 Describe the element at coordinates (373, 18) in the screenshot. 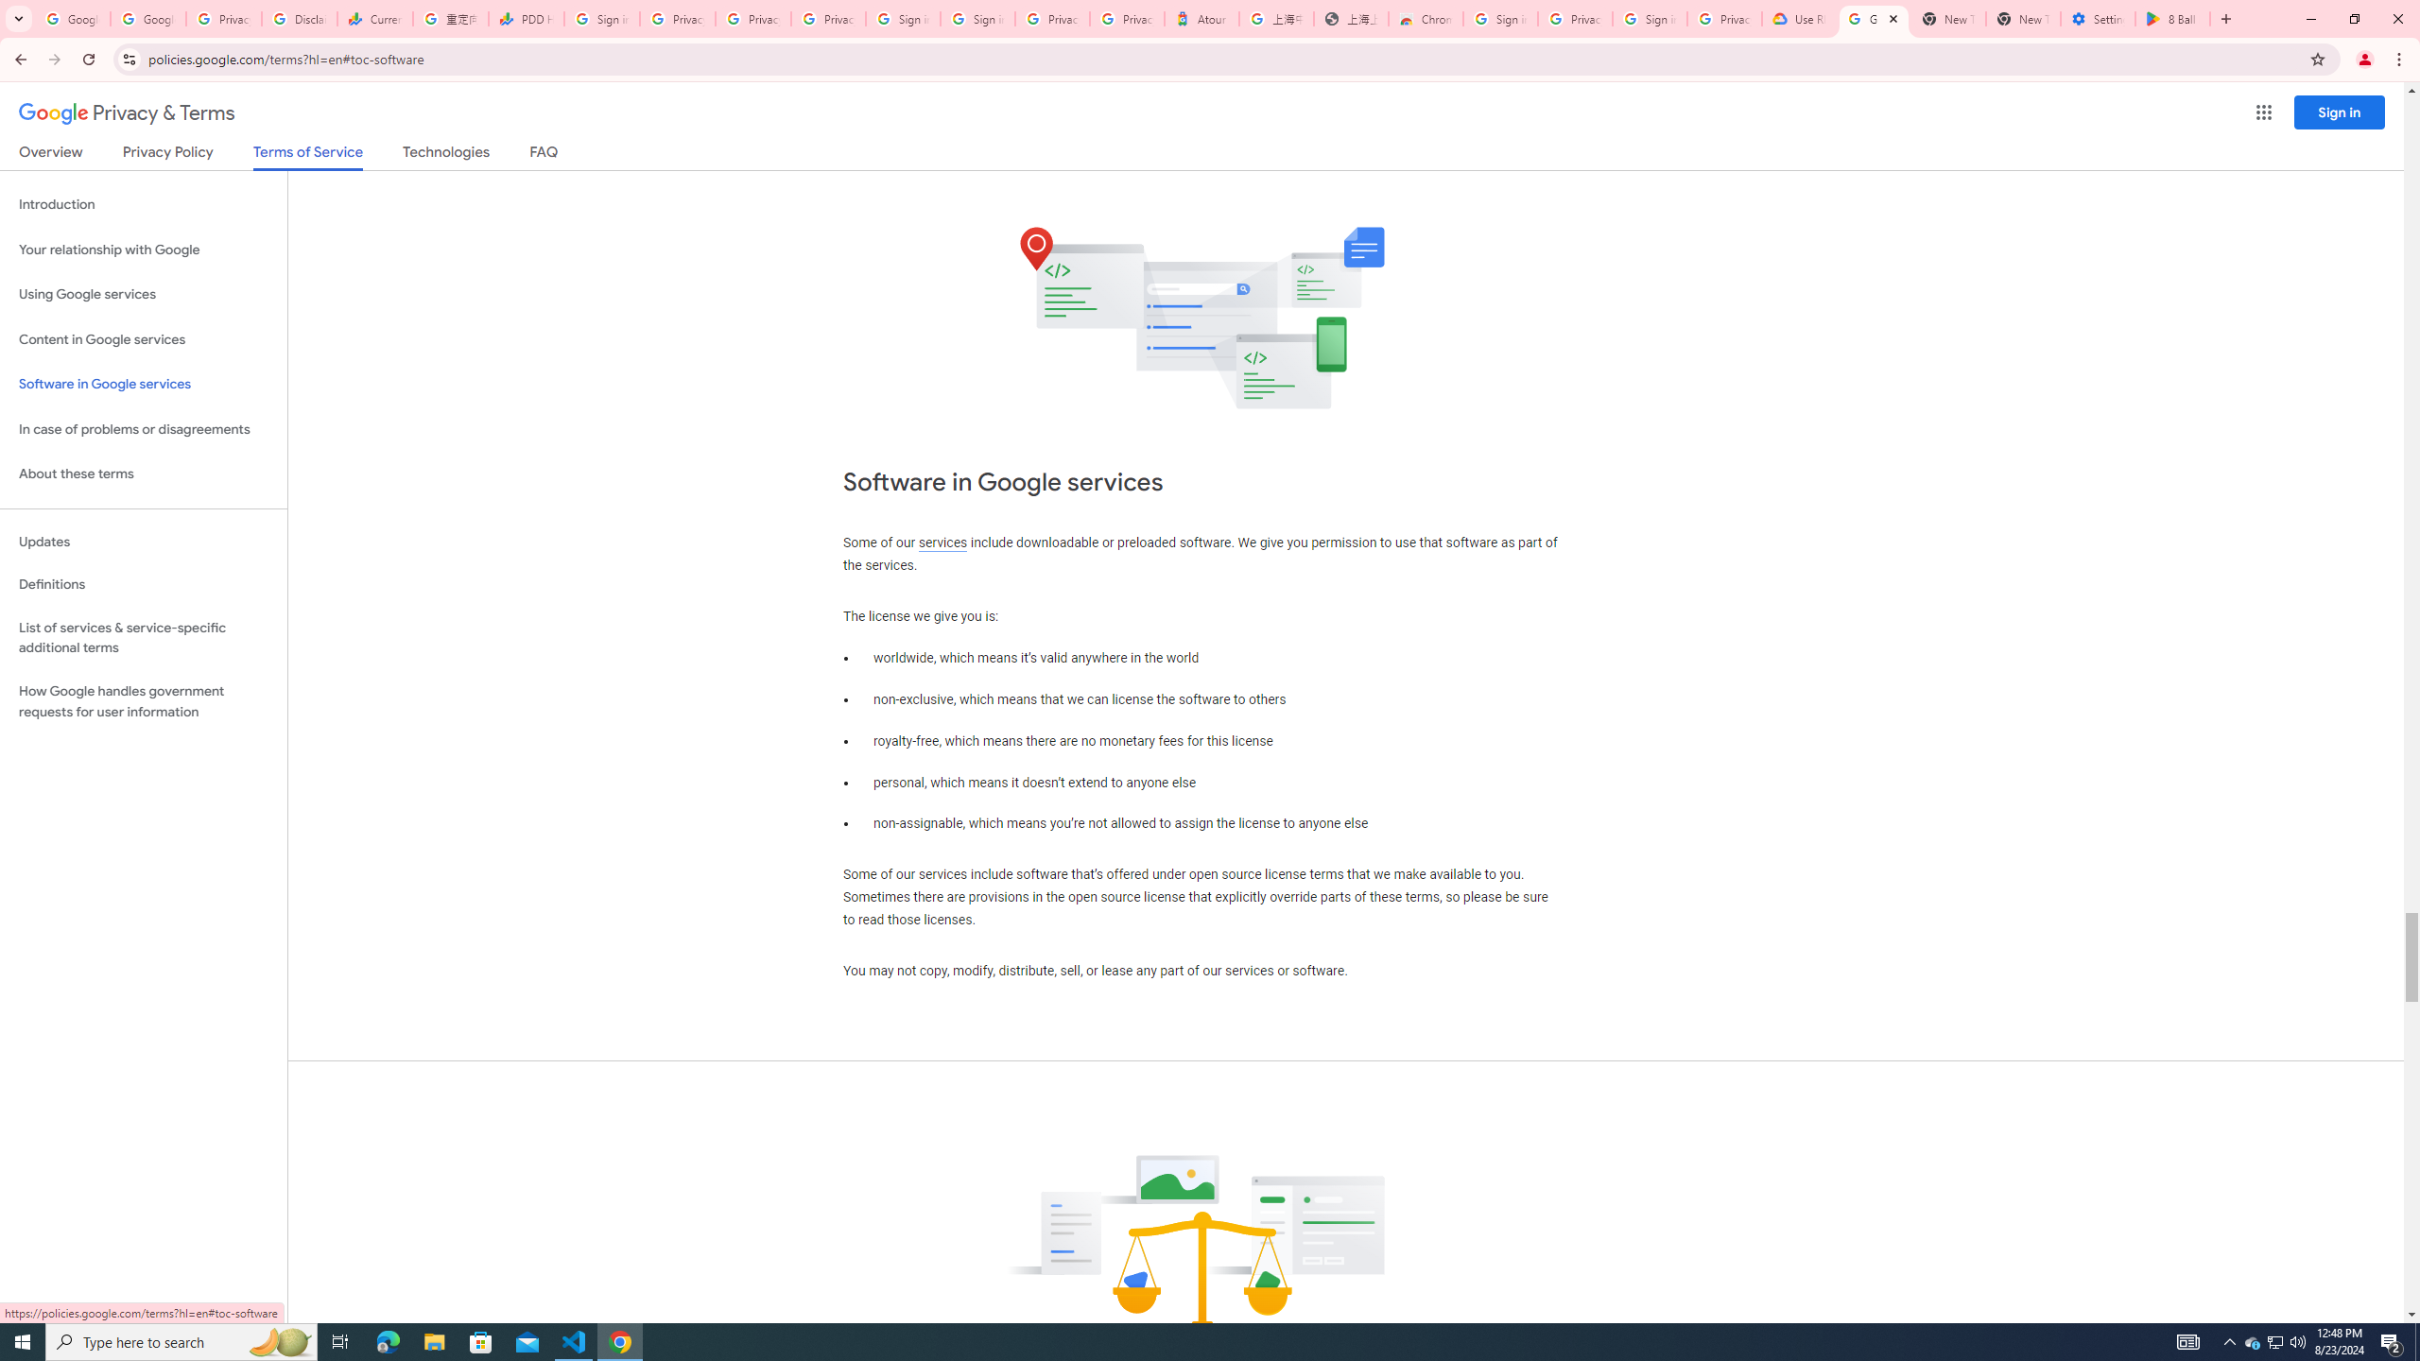

I see `'Currencies - Google Finance'` at that location.